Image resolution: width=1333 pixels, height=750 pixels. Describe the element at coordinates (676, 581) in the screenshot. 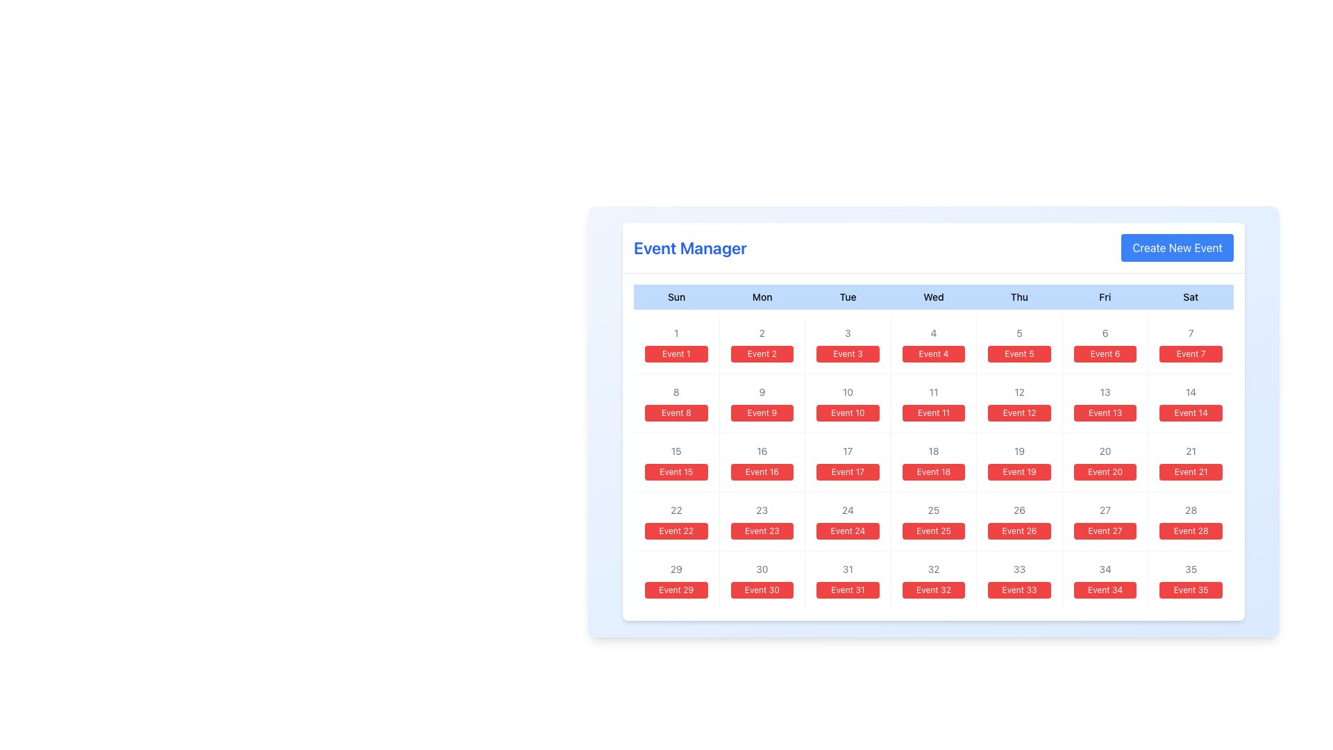

I see `the composite component for the day of the month labeled '29' with a red button indicating 'Event 29' in the Event Manager interface` at that location.